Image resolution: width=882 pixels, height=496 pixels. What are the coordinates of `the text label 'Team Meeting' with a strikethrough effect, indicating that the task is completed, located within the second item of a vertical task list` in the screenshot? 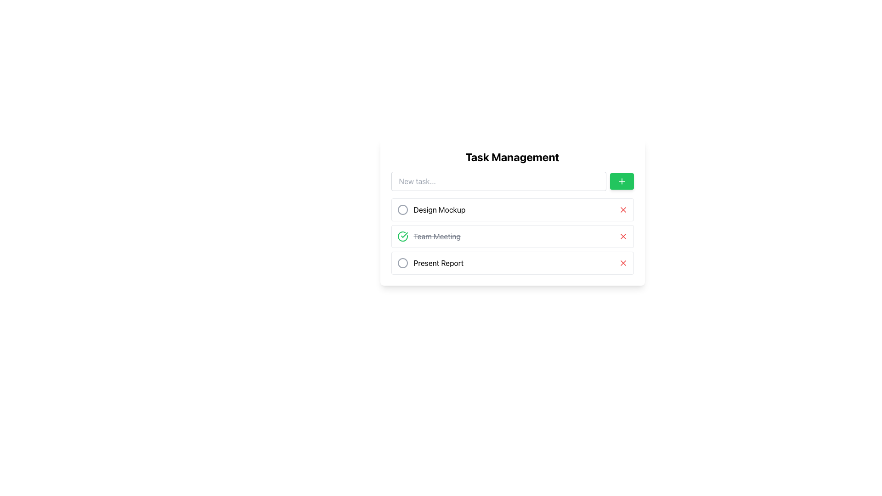 It's located at (428, 236).